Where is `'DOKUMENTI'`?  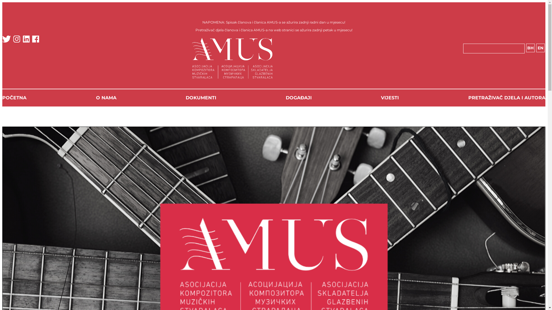
'DOKUMENTI' is located at coordinates (201, 97).